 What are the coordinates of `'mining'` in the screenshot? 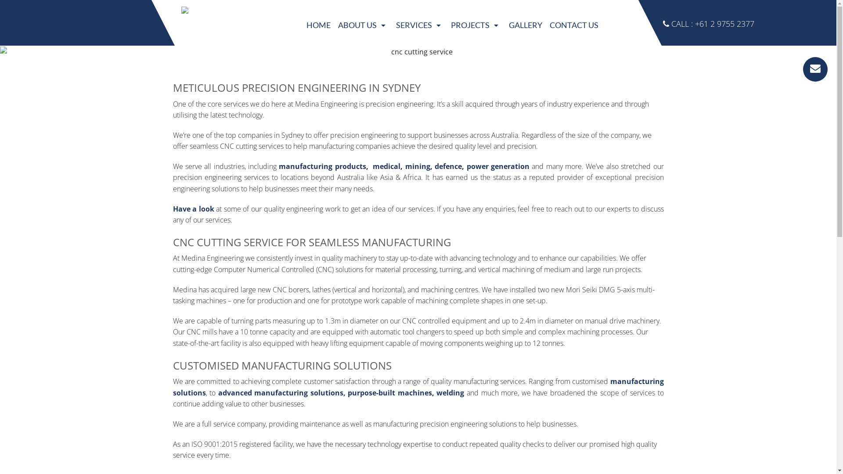 It's located at (417, 166).